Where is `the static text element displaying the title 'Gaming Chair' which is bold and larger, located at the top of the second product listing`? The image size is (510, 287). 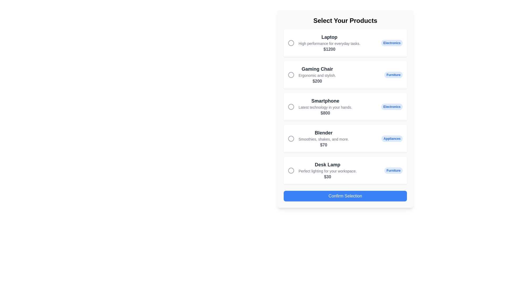
the static text element displaying the title 'Gaming Chair' which is bold and larger, located at the top of the second product listing is located at coordinates (317, 69).